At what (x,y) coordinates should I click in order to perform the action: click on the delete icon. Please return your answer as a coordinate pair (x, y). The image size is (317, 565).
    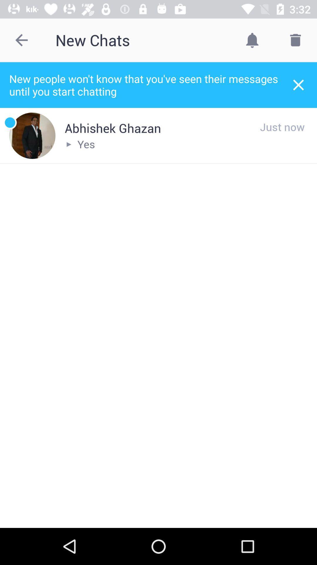
    Looking at the image, I should click on (295, 40).